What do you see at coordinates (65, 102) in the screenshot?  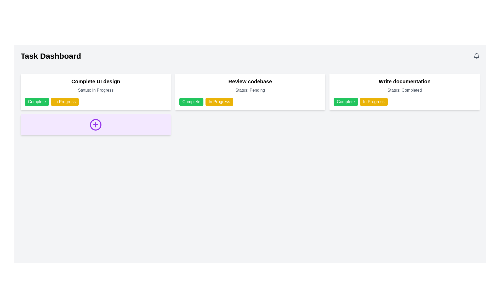 I see `the 'In Progress' button with a yellow background and white text` at bounding box center [65, 102].